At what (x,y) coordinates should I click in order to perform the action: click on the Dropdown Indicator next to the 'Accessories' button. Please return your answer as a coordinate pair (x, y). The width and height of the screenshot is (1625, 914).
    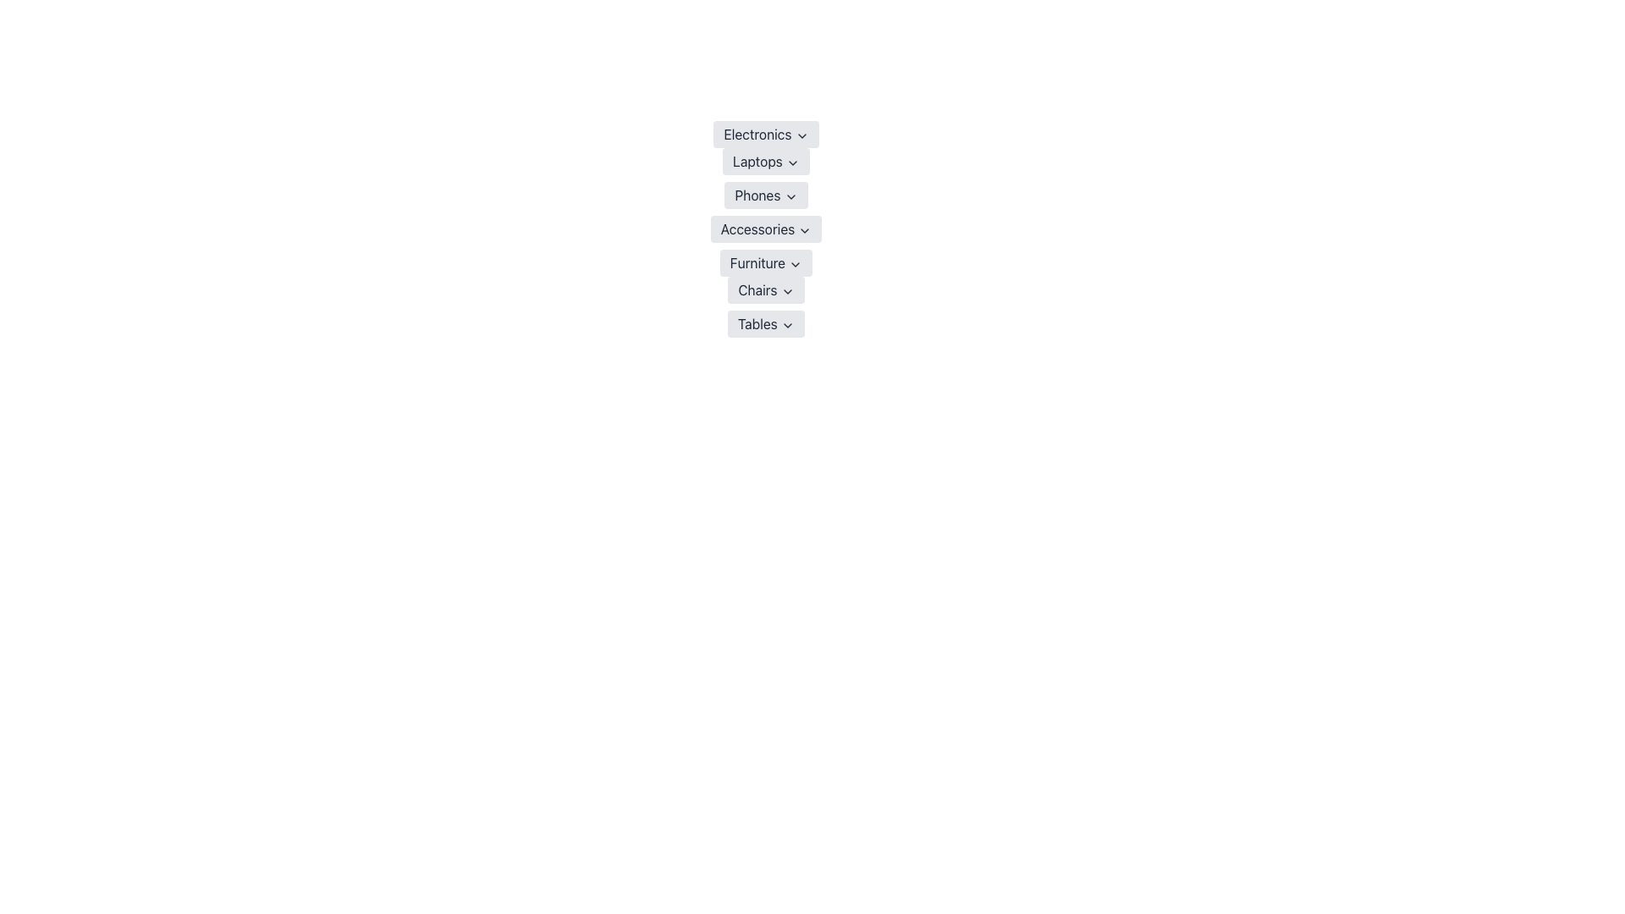
    Looking at the image, I should click on (804, 230).